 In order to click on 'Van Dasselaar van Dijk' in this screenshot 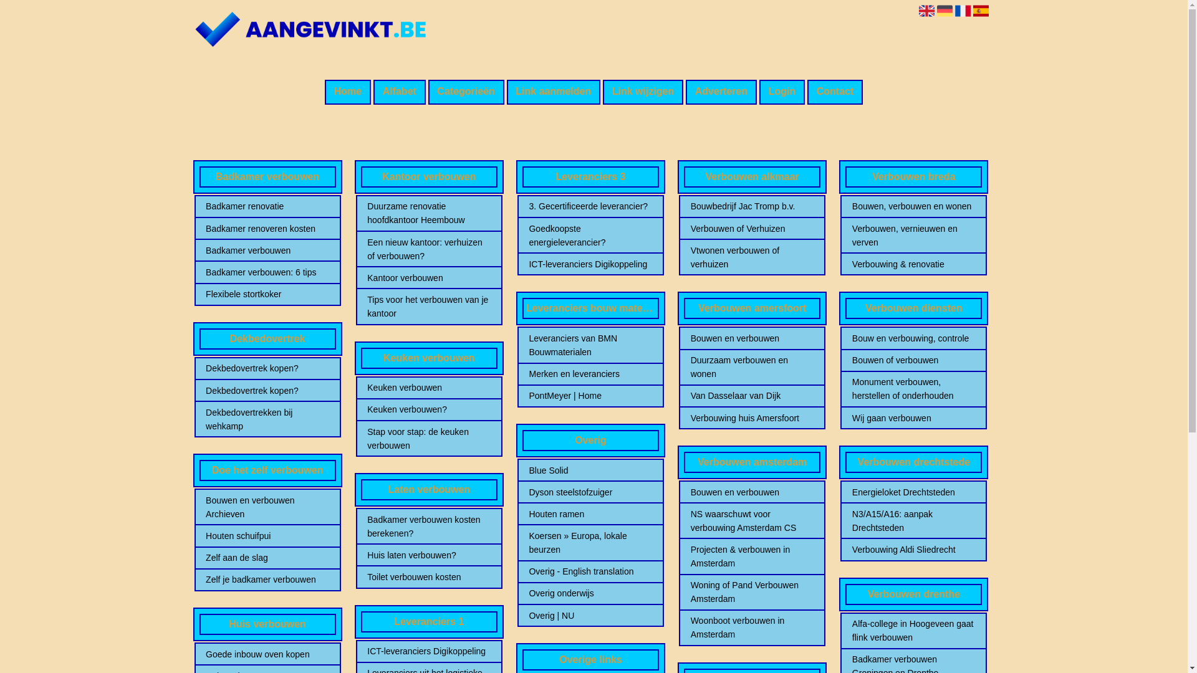, I will do `click(751, 396)`.